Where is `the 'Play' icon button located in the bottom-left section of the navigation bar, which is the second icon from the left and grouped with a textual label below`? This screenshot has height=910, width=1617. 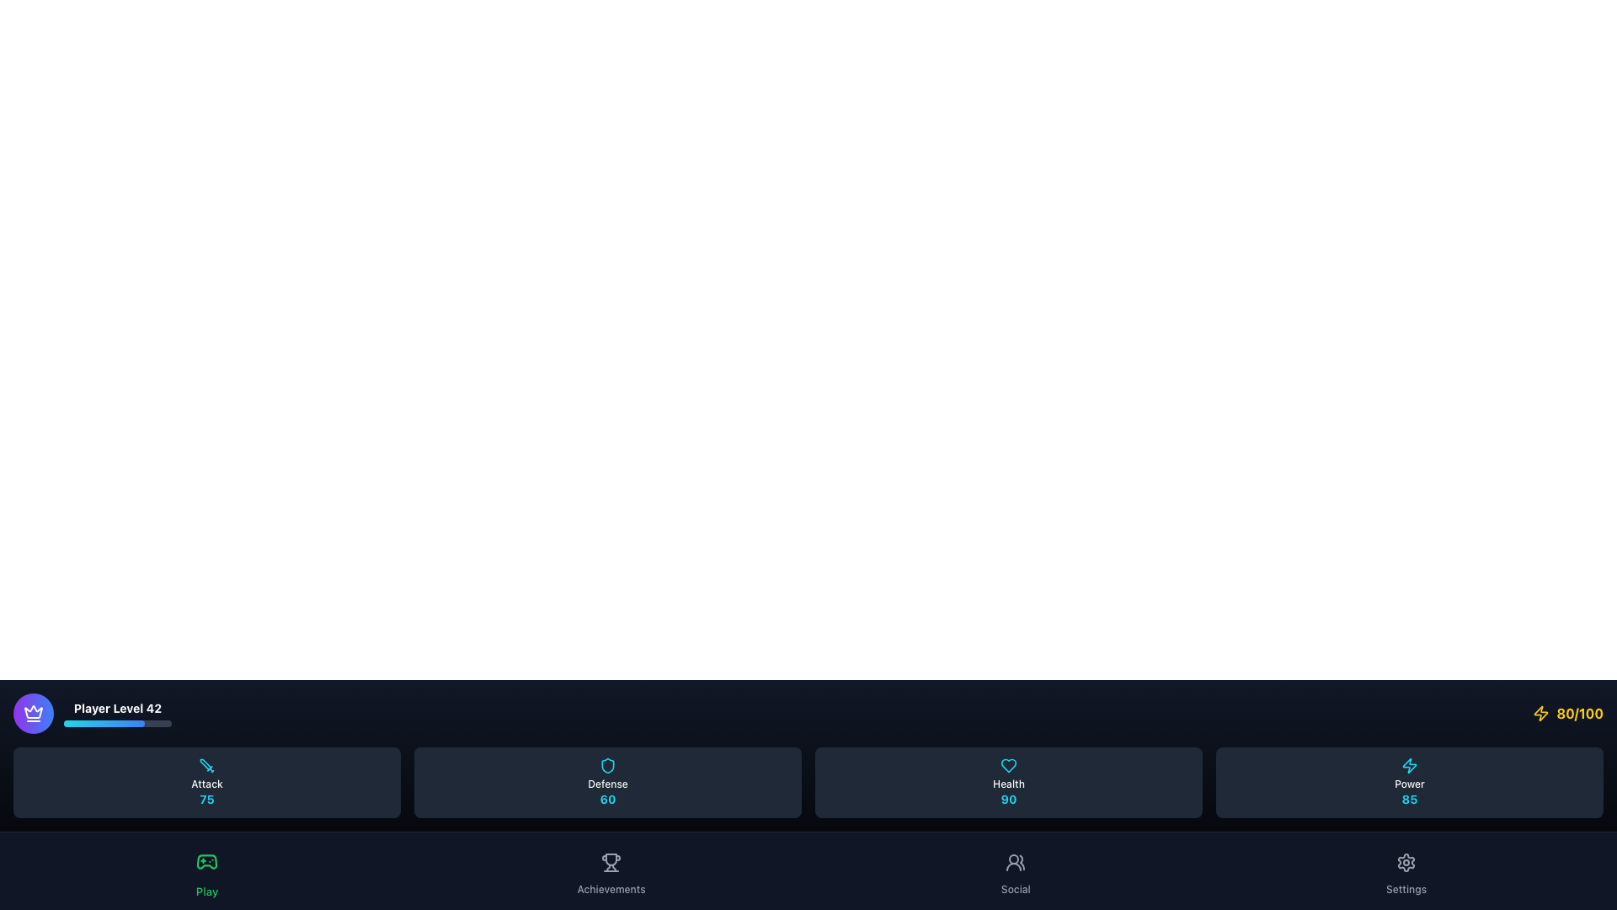
the 'Play' icon button located in the bottom-left section of the navigation bar, which is the second icon from the left and grouped with a textual label below is located at coordinates (205, 861).